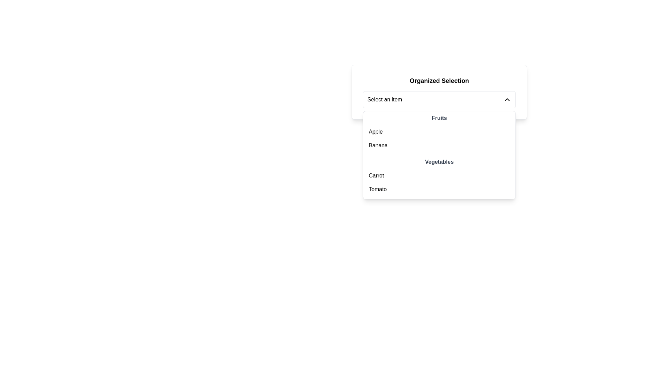 The height and width of the screenshot is (370, 658). Describe the element at coordinates (507, 99) in the screenshot. I see `the Dropdown icon (chevron) located on the far right of the 'Organized Selection' dropdown field` at that location.